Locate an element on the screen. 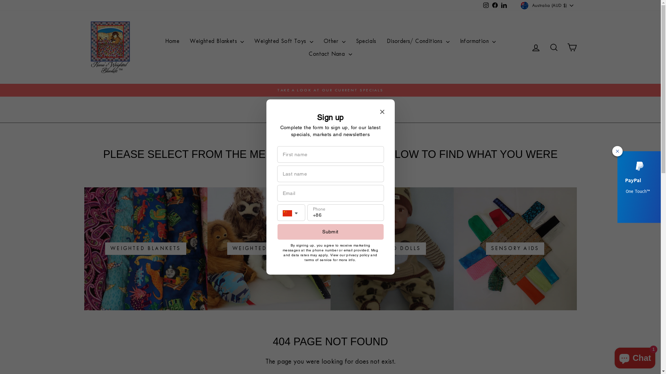  'WEIGHTED BLANKETS' is located at coordinates (145, 248).